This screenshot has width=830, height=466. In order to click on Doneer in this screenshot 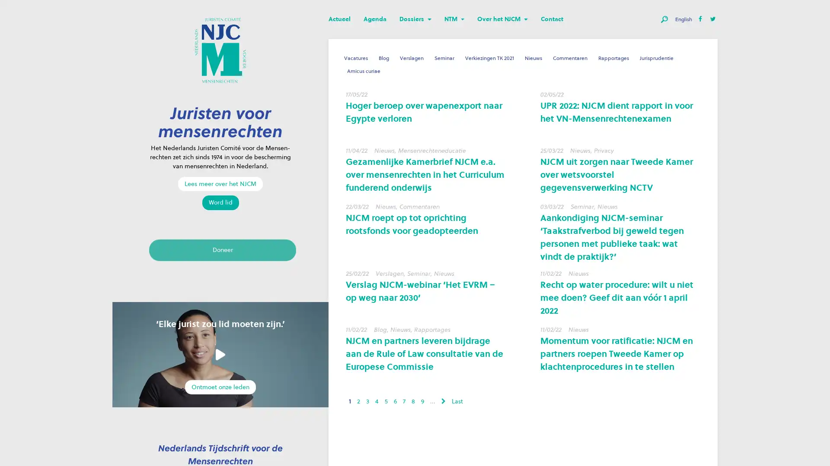, I will do `click(222, 249)`.